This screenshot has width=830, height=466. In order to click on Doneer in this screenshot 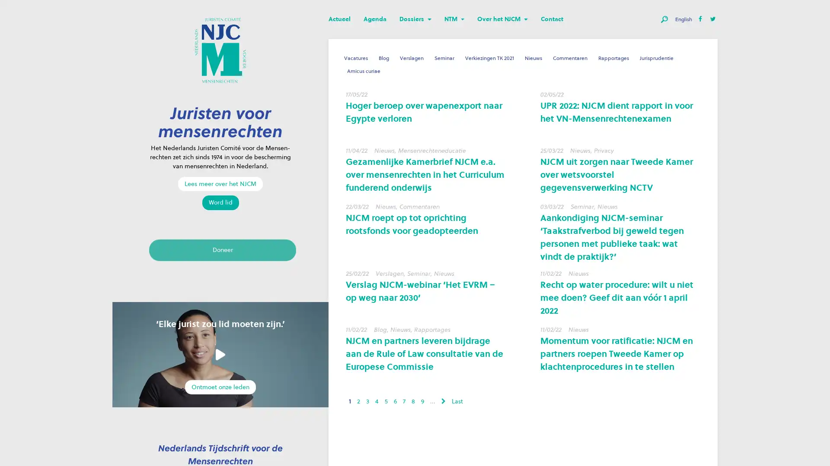, I will do `click(222, 249)`.